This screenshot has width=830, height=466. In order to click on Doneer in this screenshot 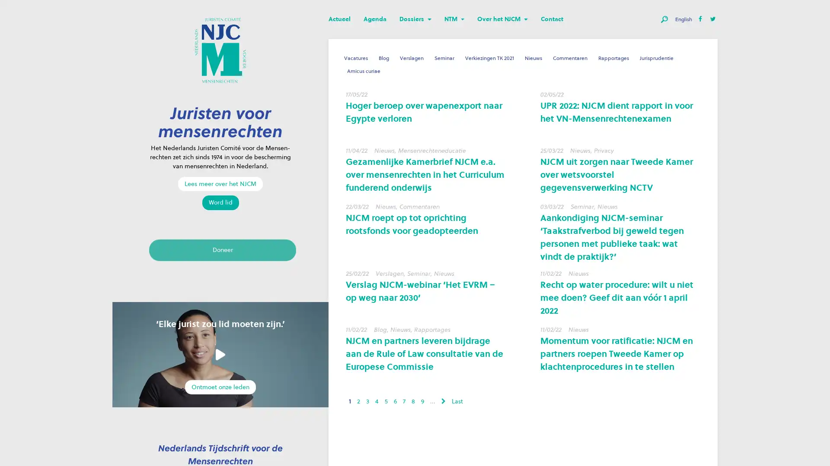, I will do `click(222, 249)`.